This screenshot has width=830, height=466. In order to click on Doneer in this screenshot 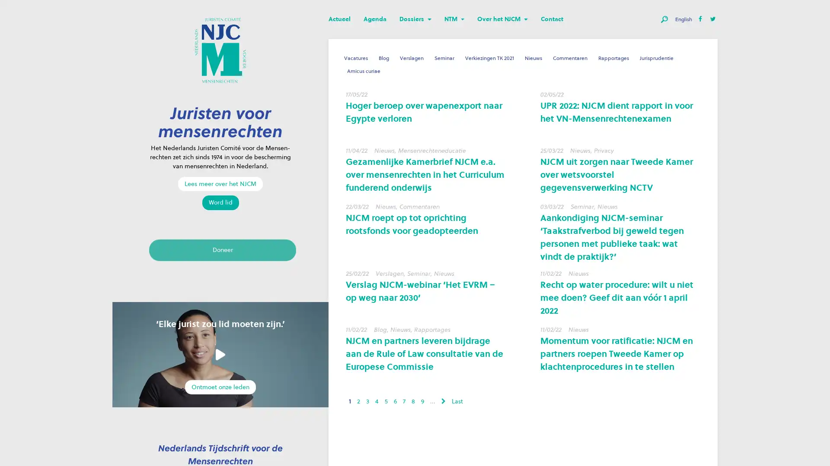, I will do `click(222, 249)`.